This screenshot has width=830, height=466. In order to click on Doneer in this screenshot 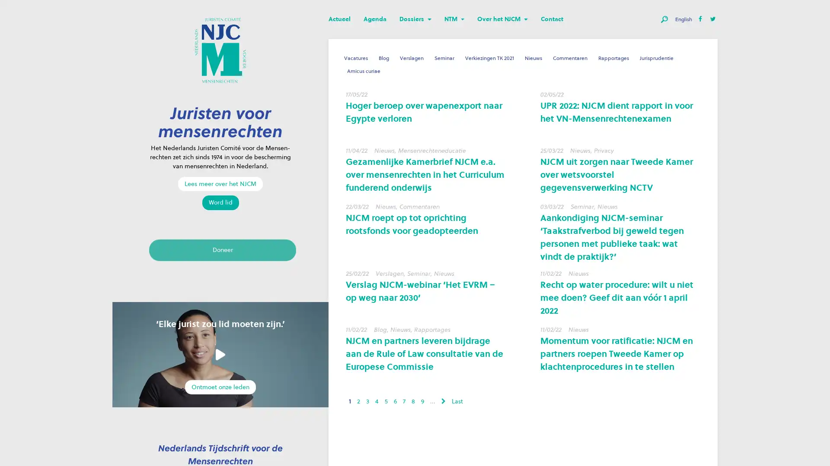, I will do `click(222, 249)`.